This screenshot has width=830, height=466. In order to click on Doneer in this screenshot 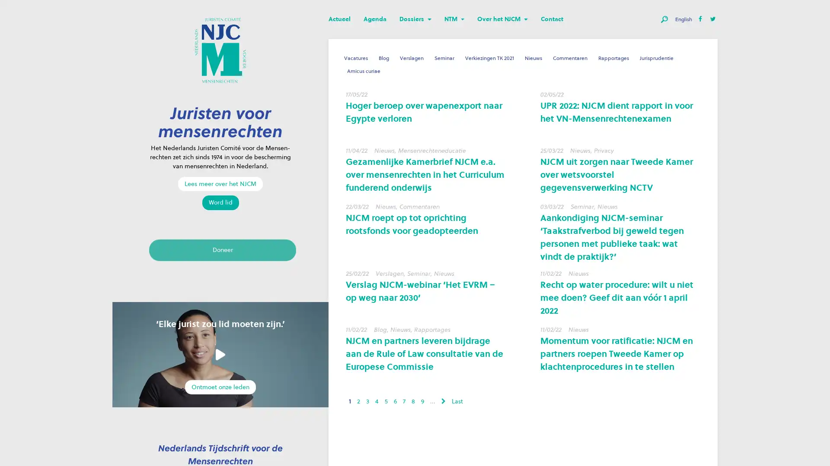, I will do `click(222, 249)`.